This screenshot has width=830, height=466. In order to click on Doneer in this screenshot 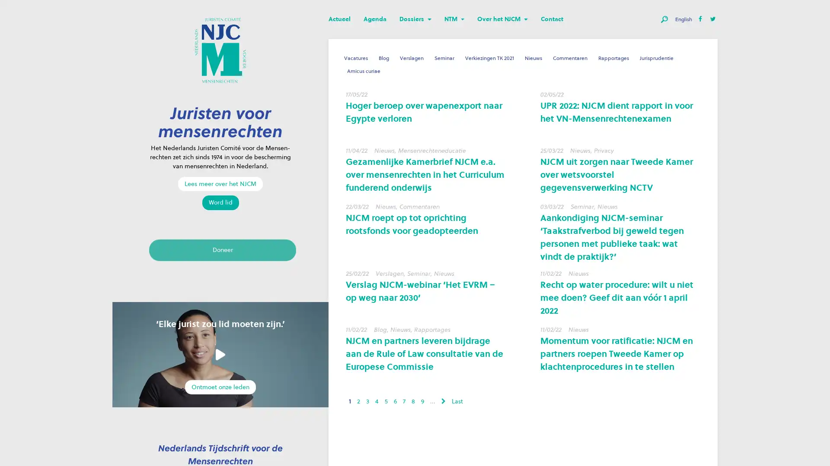, I will do `click(222, 249)`.